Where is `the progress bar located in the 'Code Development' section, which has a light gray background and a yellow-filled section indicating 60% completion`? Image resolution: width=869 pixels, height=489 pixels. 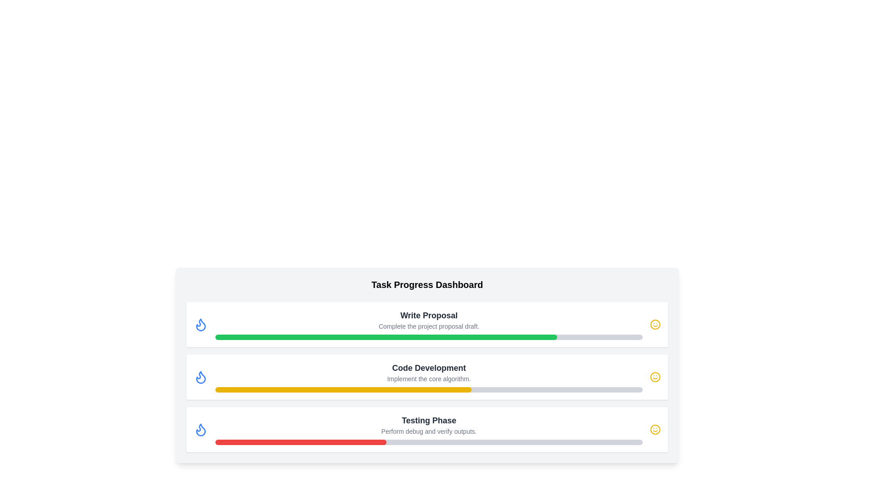
the progress bar located in the 'Code Development' section, which has a light gray background and a yellow-filled section indicating 60% completion is located at coordinates (429, 389).